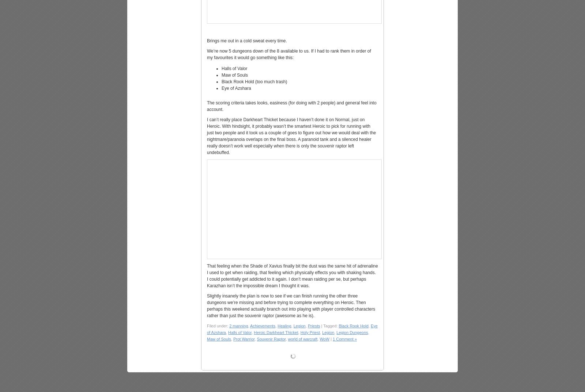  Describe the element at coordinates (291, 136) in the screenshot. I see `'I can’t really place Darkheart Thicket because I haven’t done it on Normal, just on Heroic. With hindsight, it probably wasn’t the smartest Heroic to pick for running with just two people and it took us a couple of goes to figure out how we would deal with the nightmare/paranoia overlaps on the final boss. A paranoid tank and a silenced healer really doesn’t work well especially when there is only the souvenir raptor left undebuffed.'` at that location.